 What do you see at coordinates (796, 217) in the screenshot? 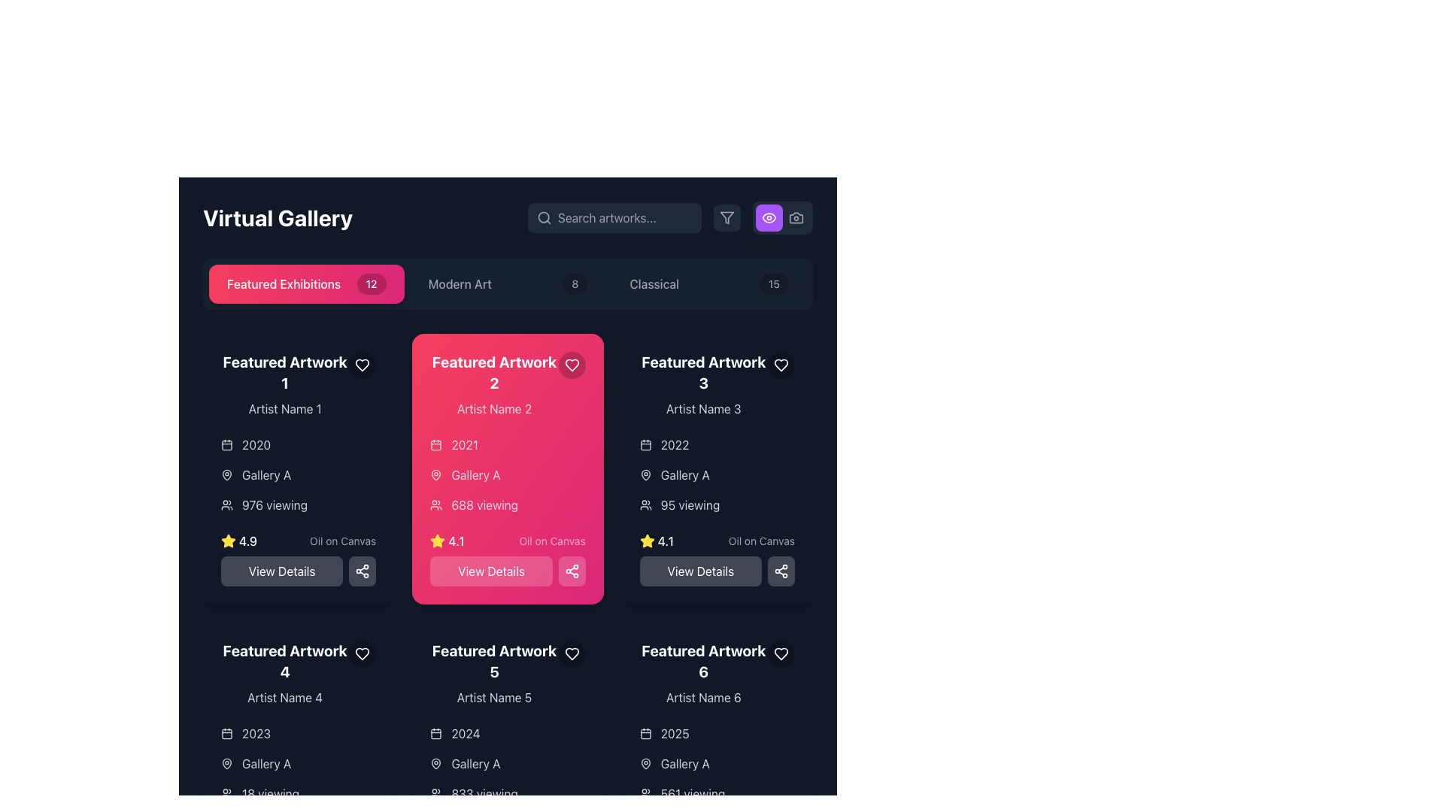
I see `the camera icon located in the upper-right corner of the interface` at bounding box center [796, 217].